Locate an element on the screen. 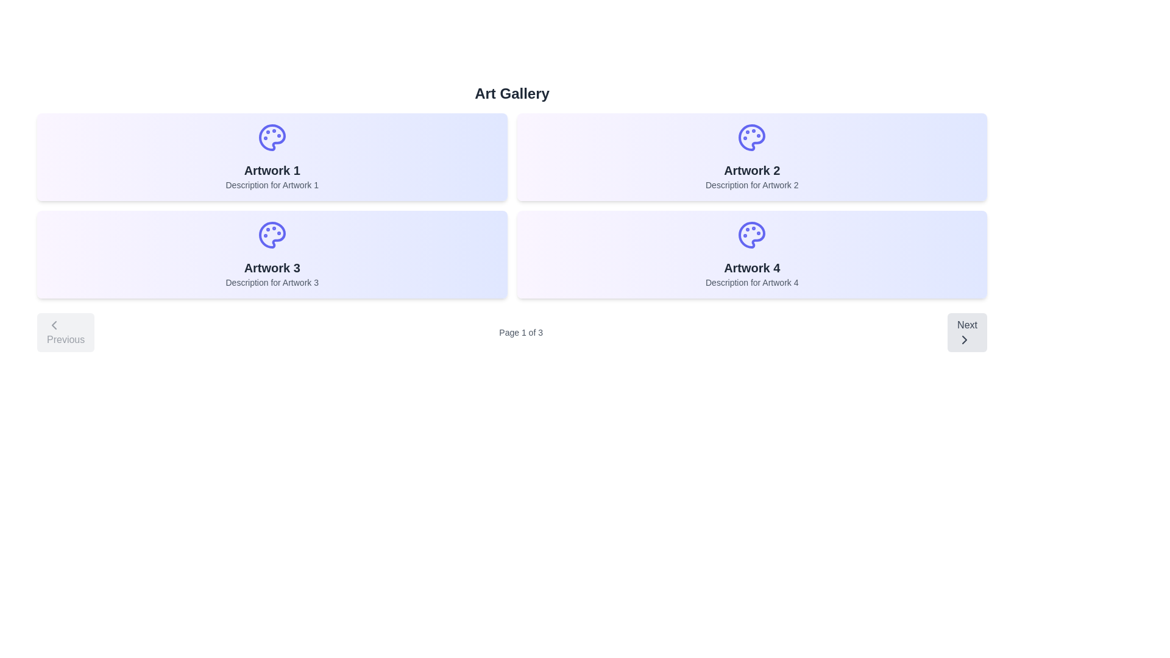 Image resolution: width=1170 pixels, height=658 pixels. the SVG graphic icon resembling a painter's palette, which is styled in indigo blue, located in the upper-center part of the card titled 'Artwork 3 Description for Artwork 3' is located at coordinates (271, 235).